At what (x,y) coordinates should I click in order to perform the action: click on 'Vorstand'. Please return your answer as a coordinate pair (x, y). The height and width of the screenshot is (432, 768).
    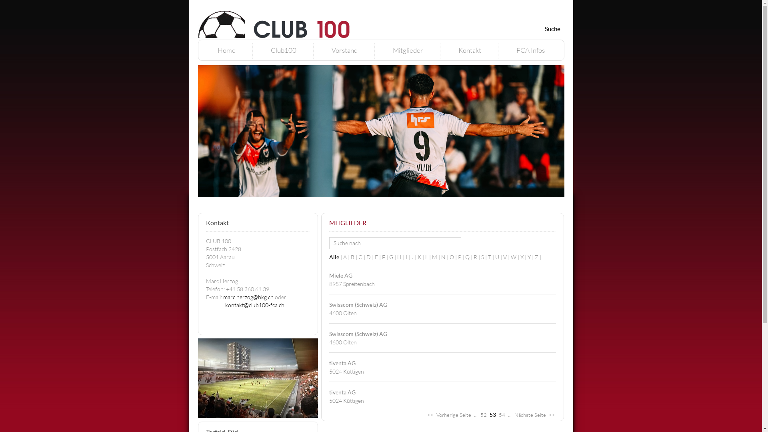
    Looking at the image, I should click on (344, 50).